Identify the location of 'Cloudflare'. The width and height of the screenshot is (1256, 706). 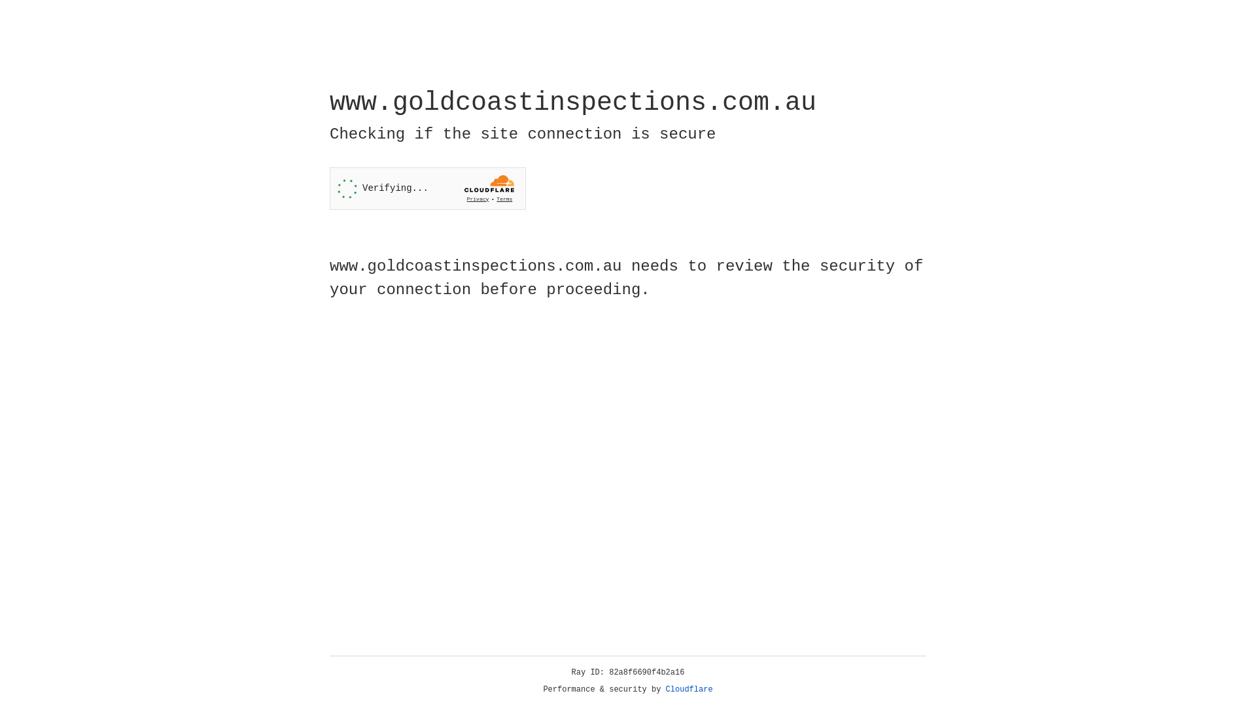
(689, 689).